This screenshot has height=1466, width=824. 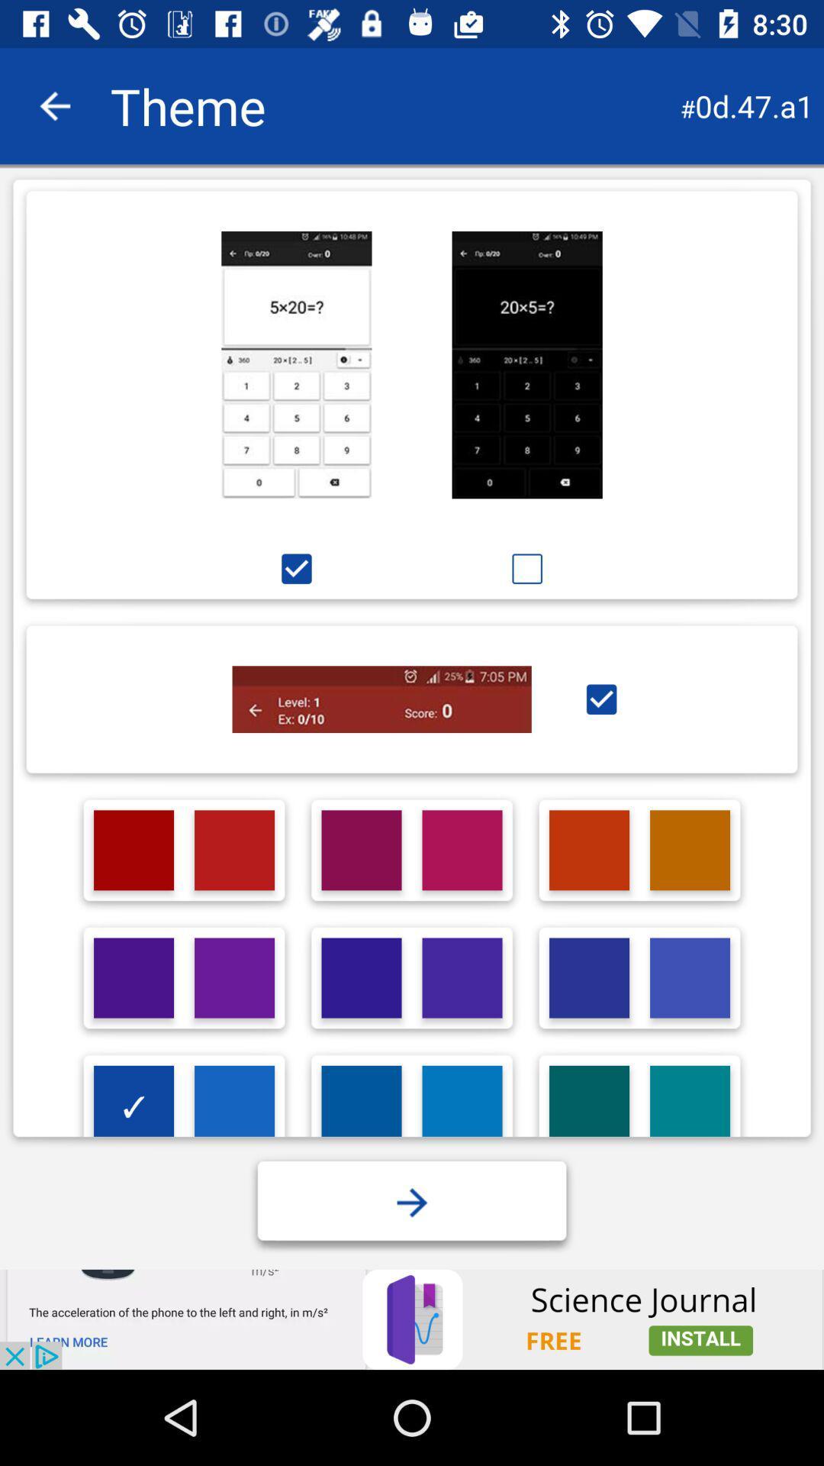 What do you see at coordinates (690, 849) in the screenshot?
I see `choose a colour` at bounding box center [690, 849].